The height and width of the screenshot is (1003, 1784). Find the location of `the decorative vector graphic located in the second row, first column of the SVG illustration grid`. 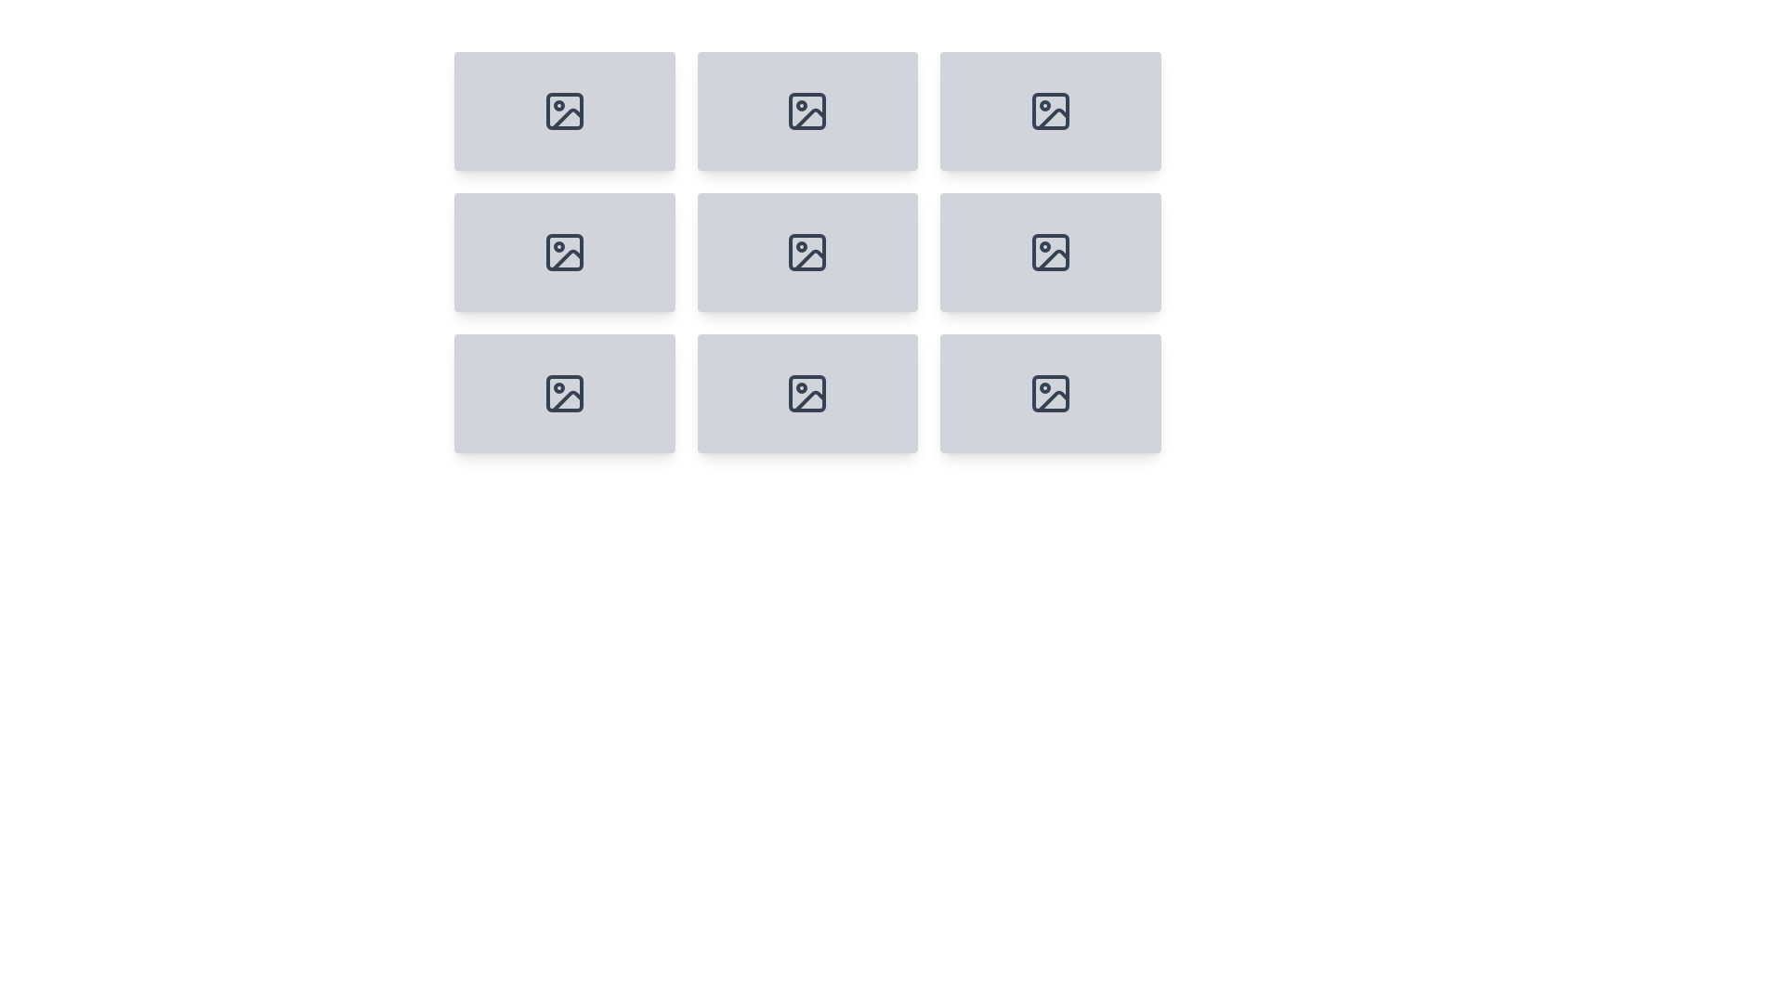

the decorative vector graphic located in the second row, first column of the SVG illustration grid is located at coordinates (566, 260).